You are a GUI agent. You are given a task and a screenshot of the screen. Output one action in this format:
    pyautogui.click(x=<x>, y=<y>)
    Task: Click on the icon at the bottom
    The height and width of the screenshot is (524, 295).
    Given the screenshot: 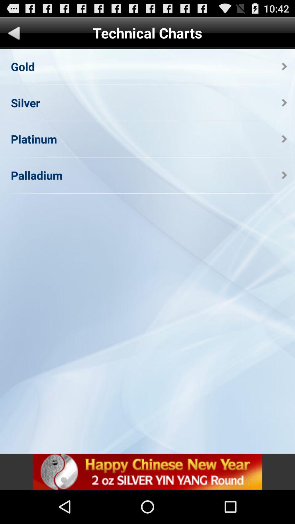 What is the action you would take?
    pyautogui.click(x=147, y=471)
    